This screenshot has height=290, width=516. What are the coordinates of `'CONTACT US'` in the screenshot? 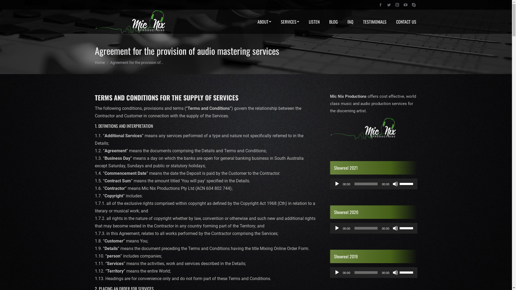 It's located at (406, 21).